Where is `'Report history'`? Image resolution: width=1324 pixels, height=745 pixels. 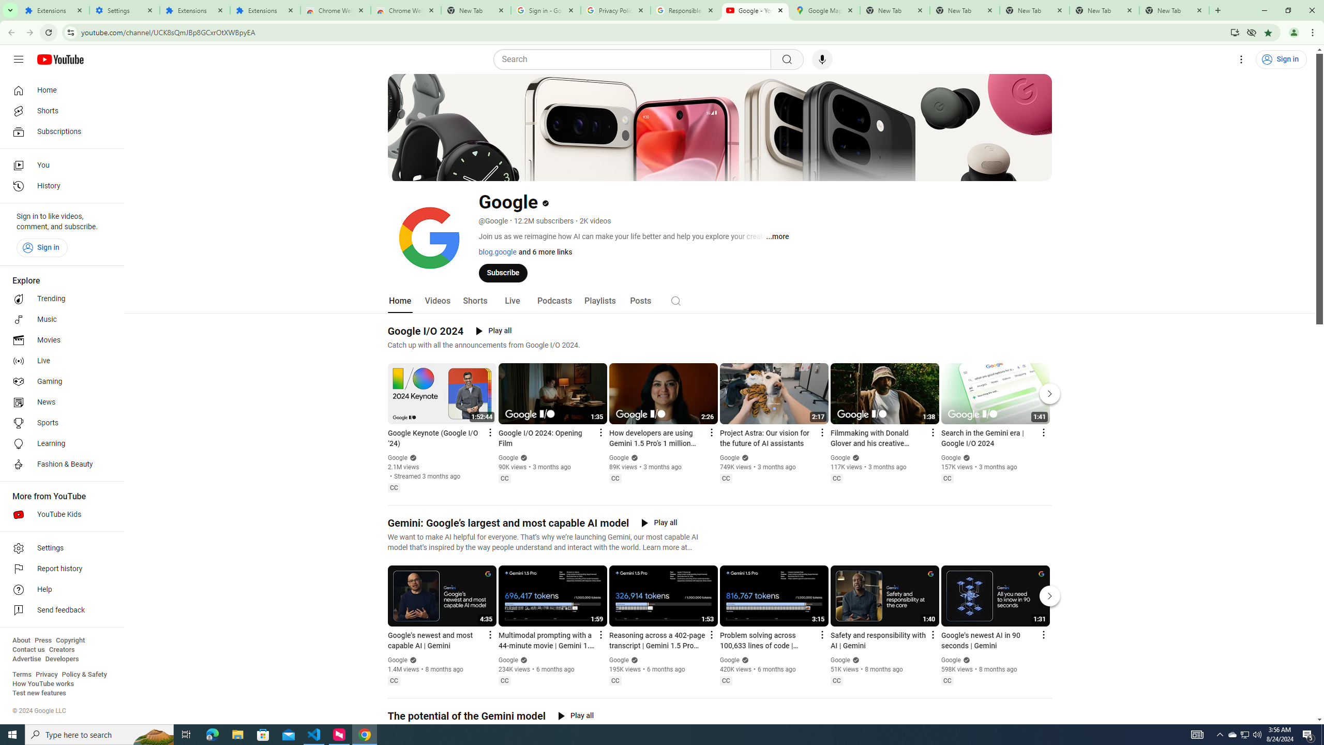 'Report history' is located at coordinates (58, 569).